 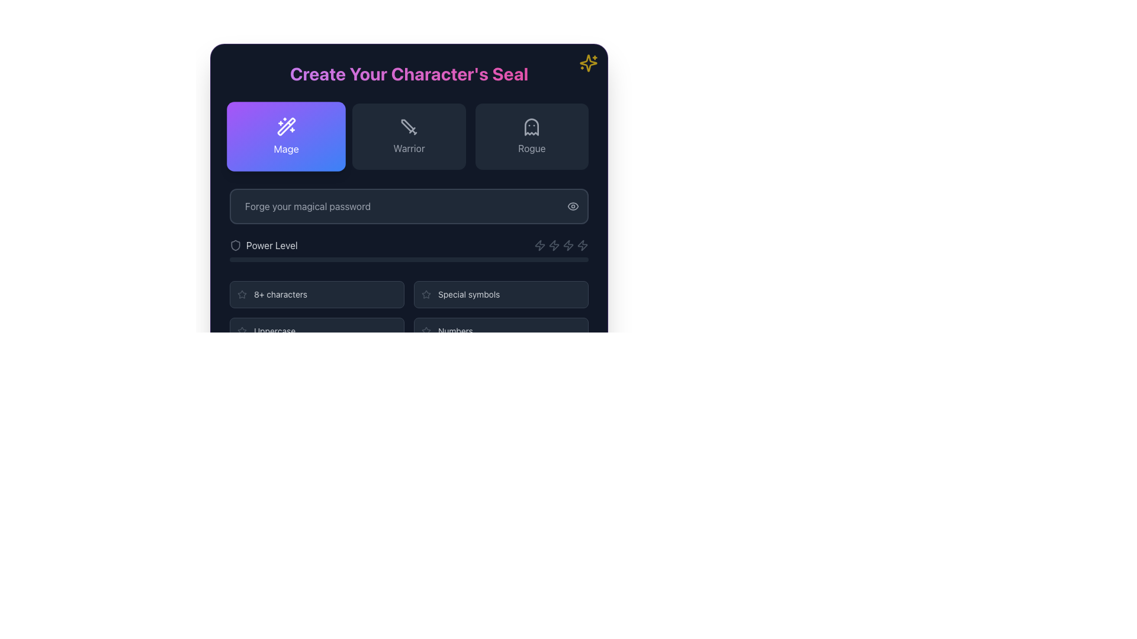 I want to click on the progress bar, so click(x=509, y=259).